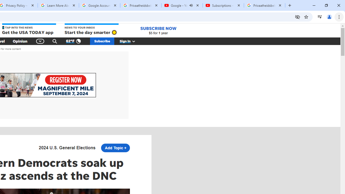 Image resolution: width=345 pixels, height=194 pixels. I want to click on 'Mute tab', so click(191, 5).